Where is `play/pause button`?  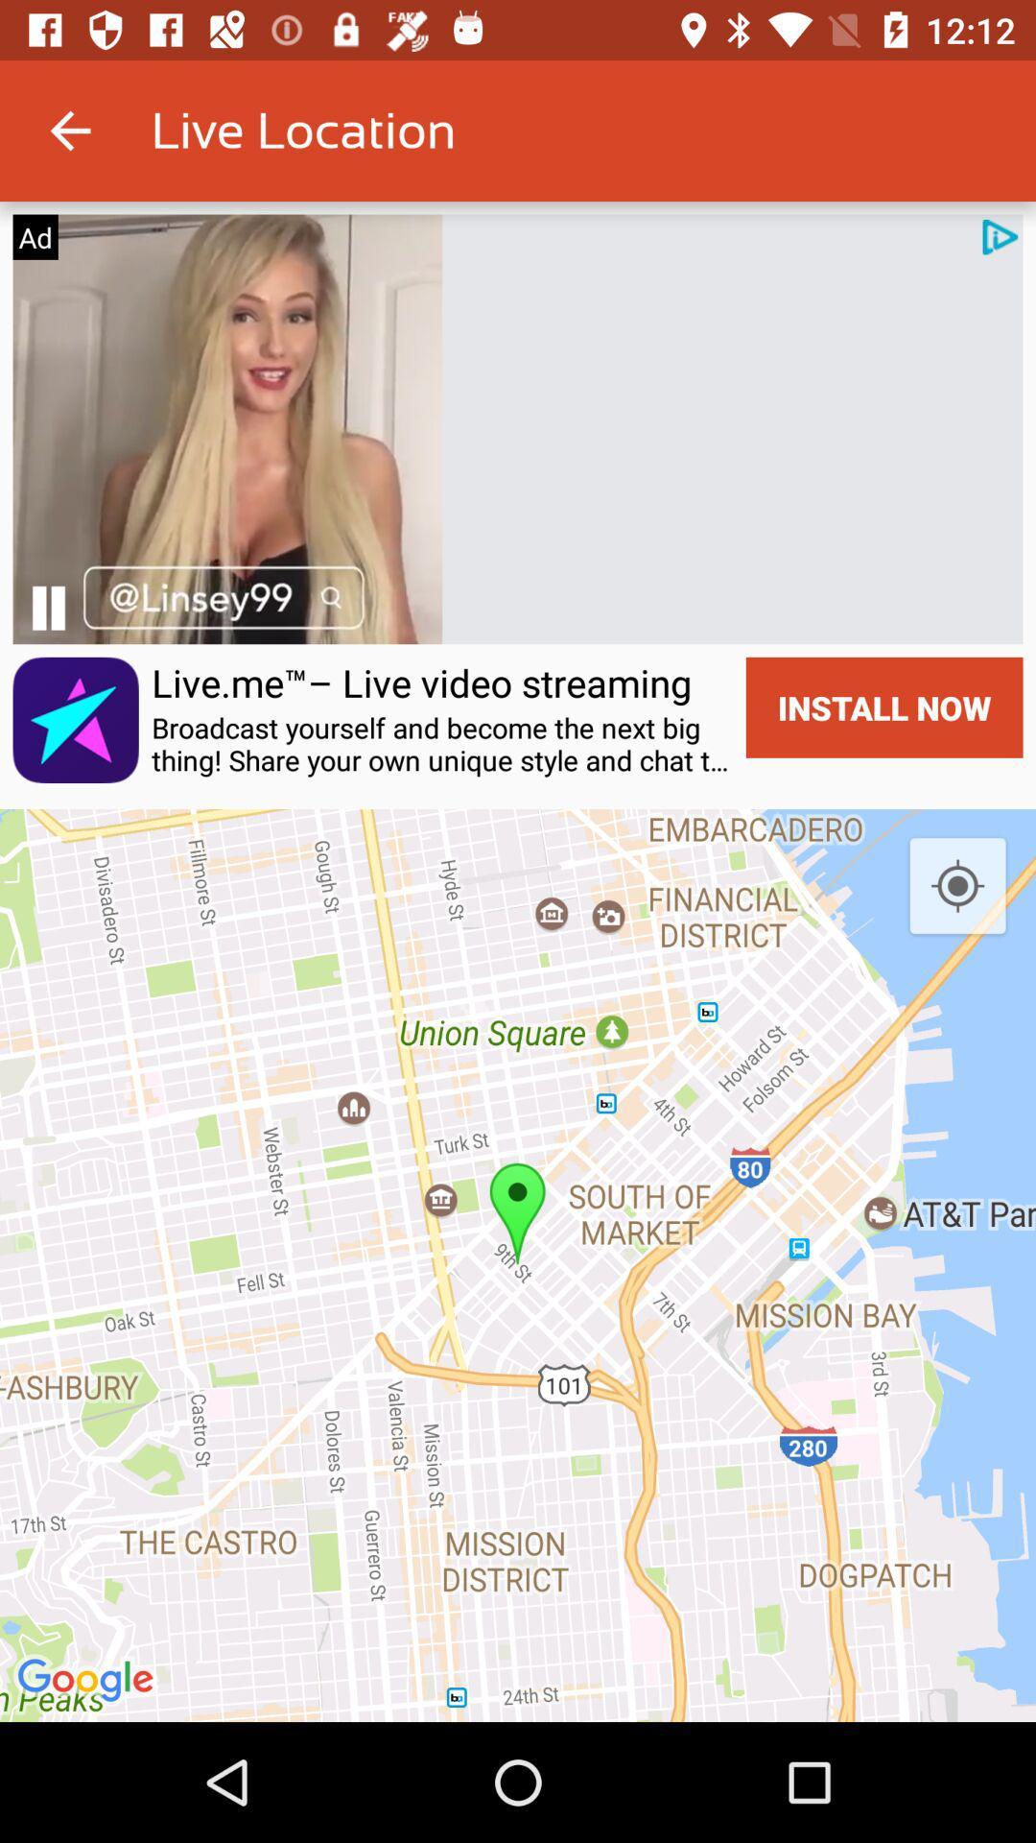 play/pause button is located at coordinates (47, 607).